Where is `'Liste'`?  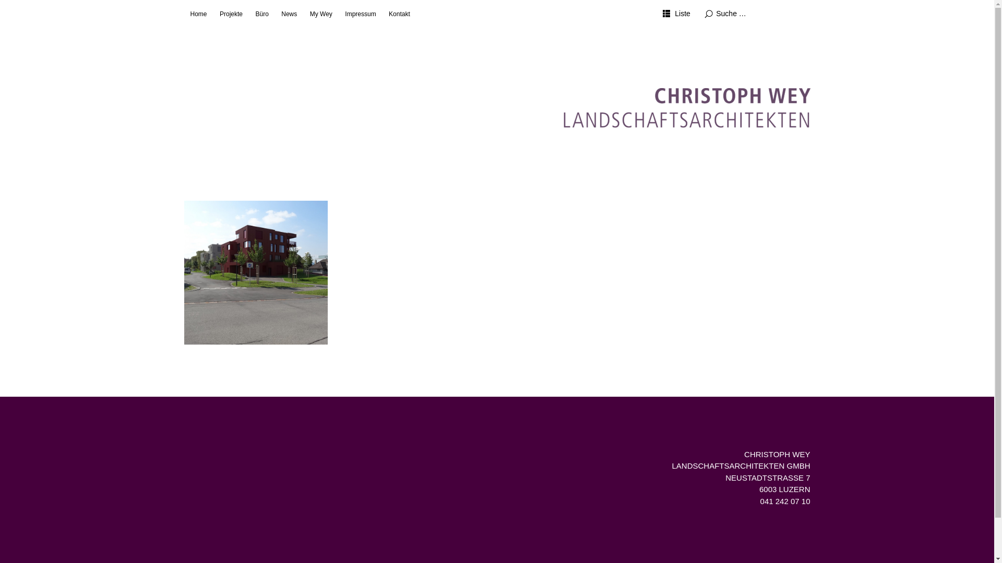 'Liste' is located at coordinates (676, 14).